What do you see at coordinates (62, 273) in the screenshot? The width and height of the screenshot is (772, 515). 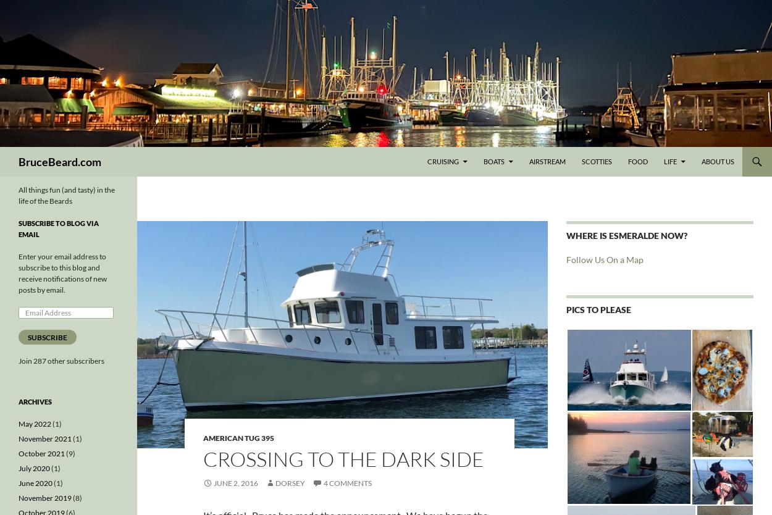 I see `'Enter your email address to subscribe to this blog and receive notifications of new posts by email.'` at bounding box center [62, 273].